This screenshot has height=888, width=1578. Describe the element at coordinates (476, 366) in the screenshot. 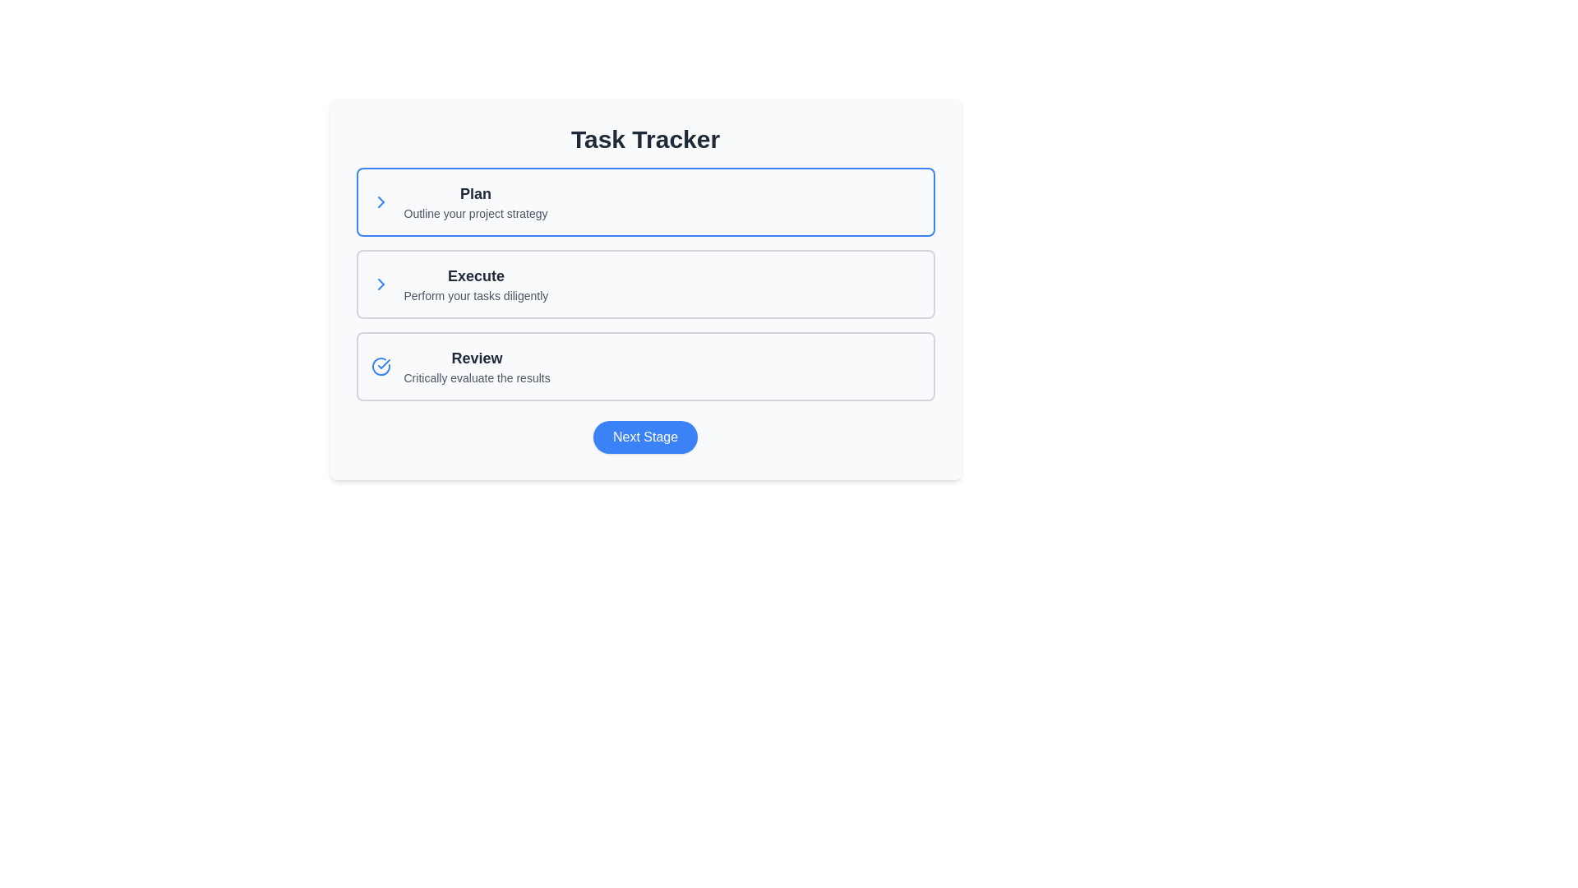

I see `text block titled 'Review' which is the third item in a vertical list of tasks, located between the 'Execute' task and the 'Next Stage' button` at that location.